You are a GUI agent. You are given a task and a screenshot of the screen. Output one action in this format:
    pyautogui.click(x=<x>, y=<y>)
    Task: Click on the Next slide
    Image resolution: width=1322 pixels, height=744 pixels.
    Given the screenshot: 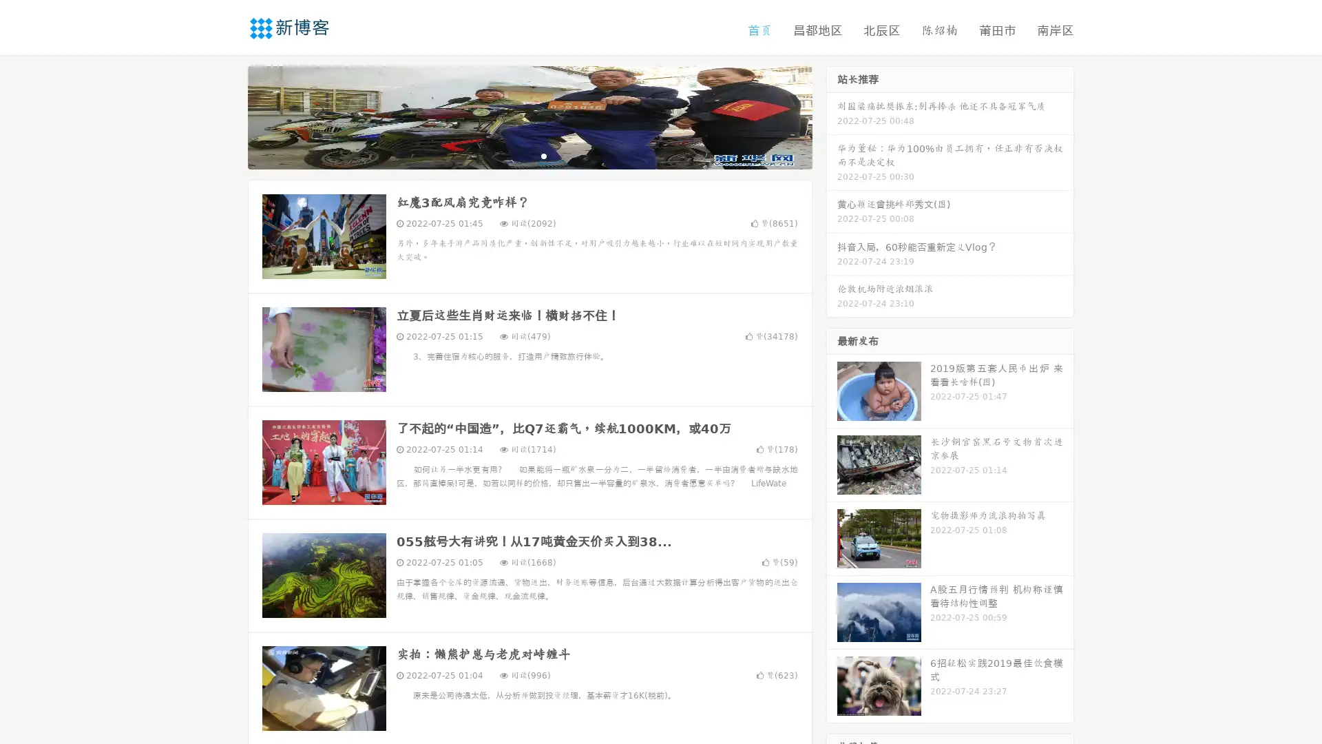 What is the action you would take?
    pyautogui.click(x=832, y=116)
    